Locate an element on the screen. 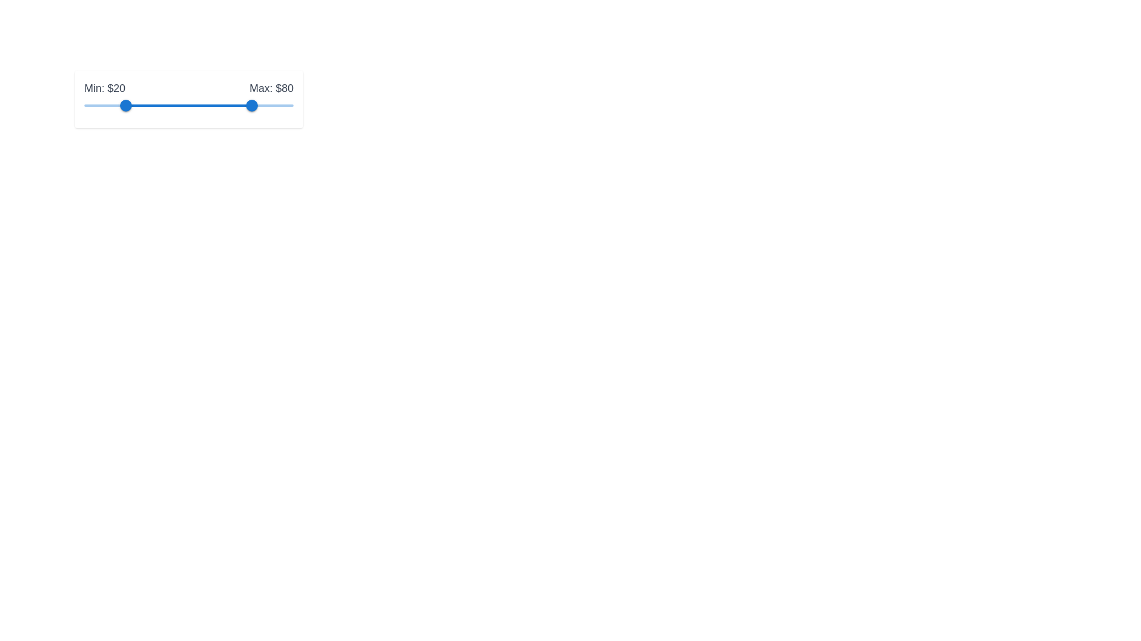  text displayed in the textual component showing 'Min: $20' on the left and 'Max: $80' on the right, positioned above the slider component is located at coordinates (188, 88).